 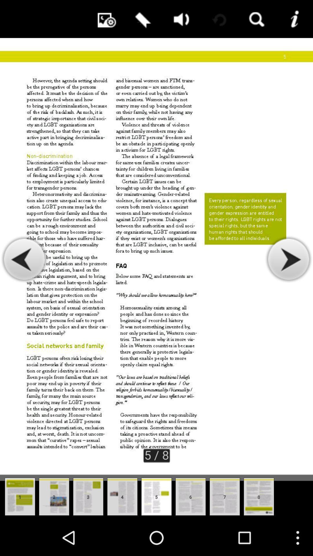 What do you see at coordinates (288, 259) in the screenshot?
I see `next page` at bounding box center [288, 259].